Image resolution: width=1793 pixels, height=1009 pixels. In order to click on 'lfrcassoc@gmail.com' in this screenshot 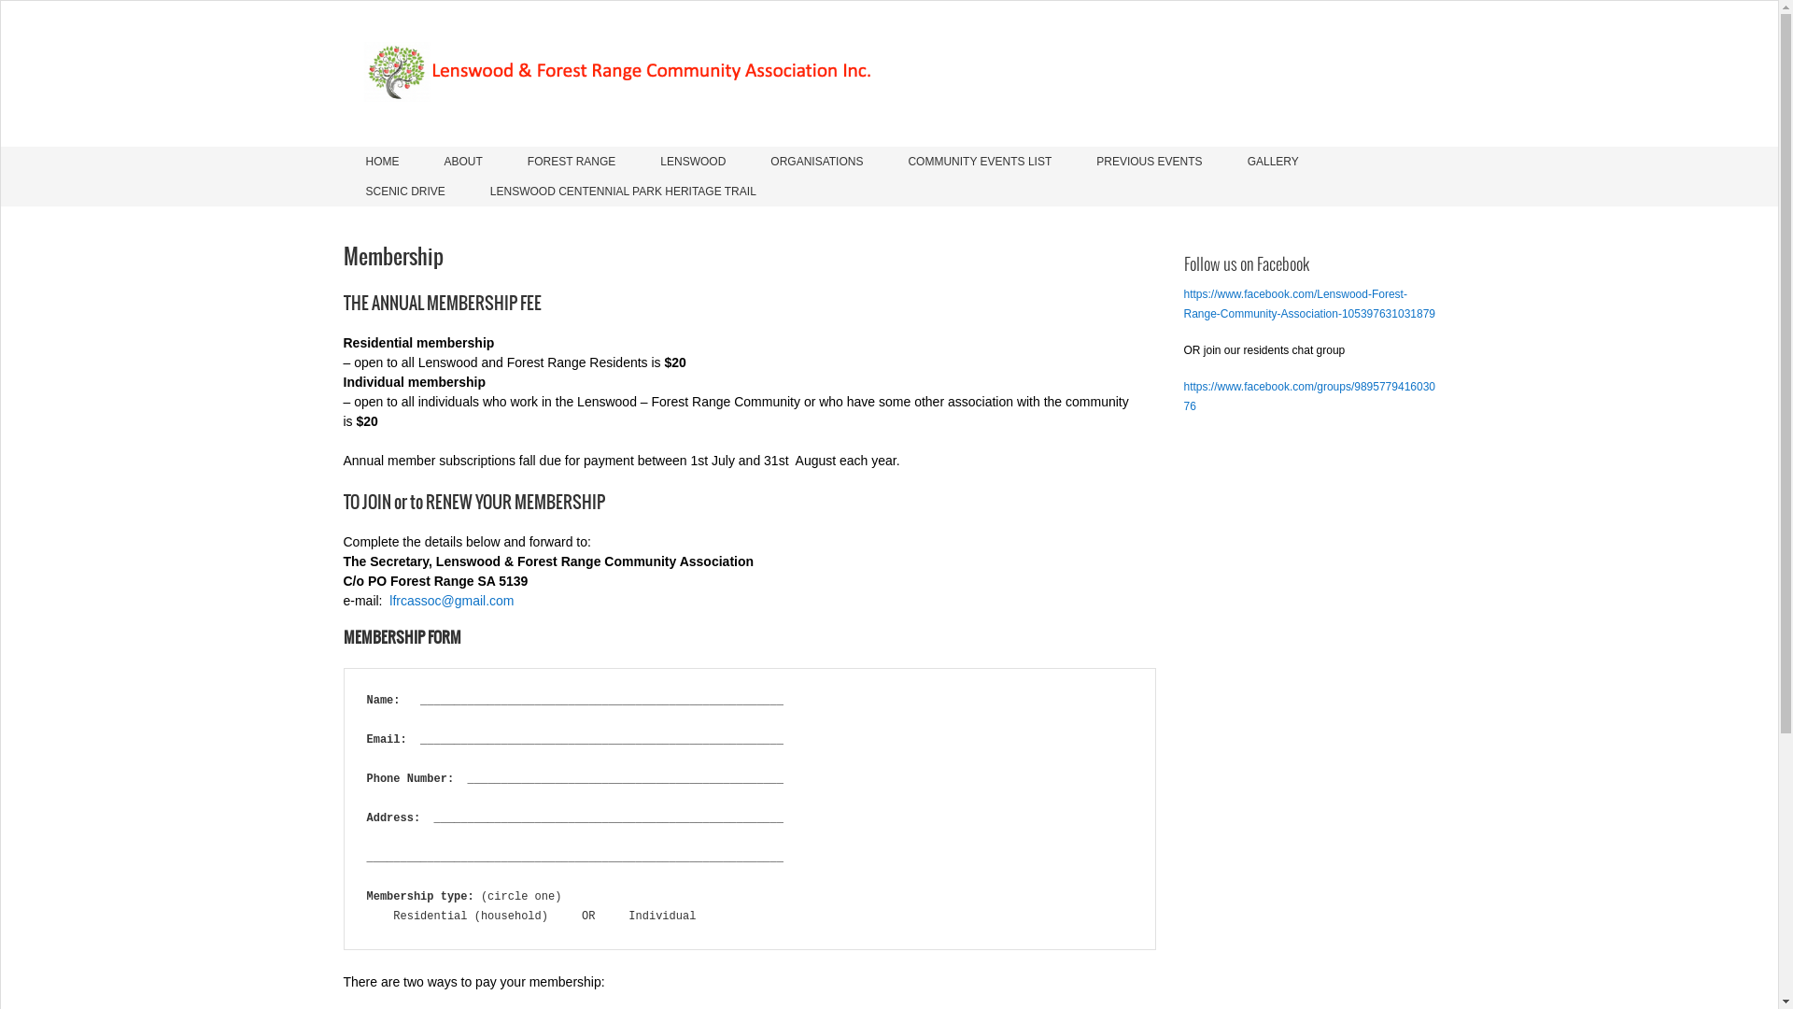, I will do `click(451, 601)`.